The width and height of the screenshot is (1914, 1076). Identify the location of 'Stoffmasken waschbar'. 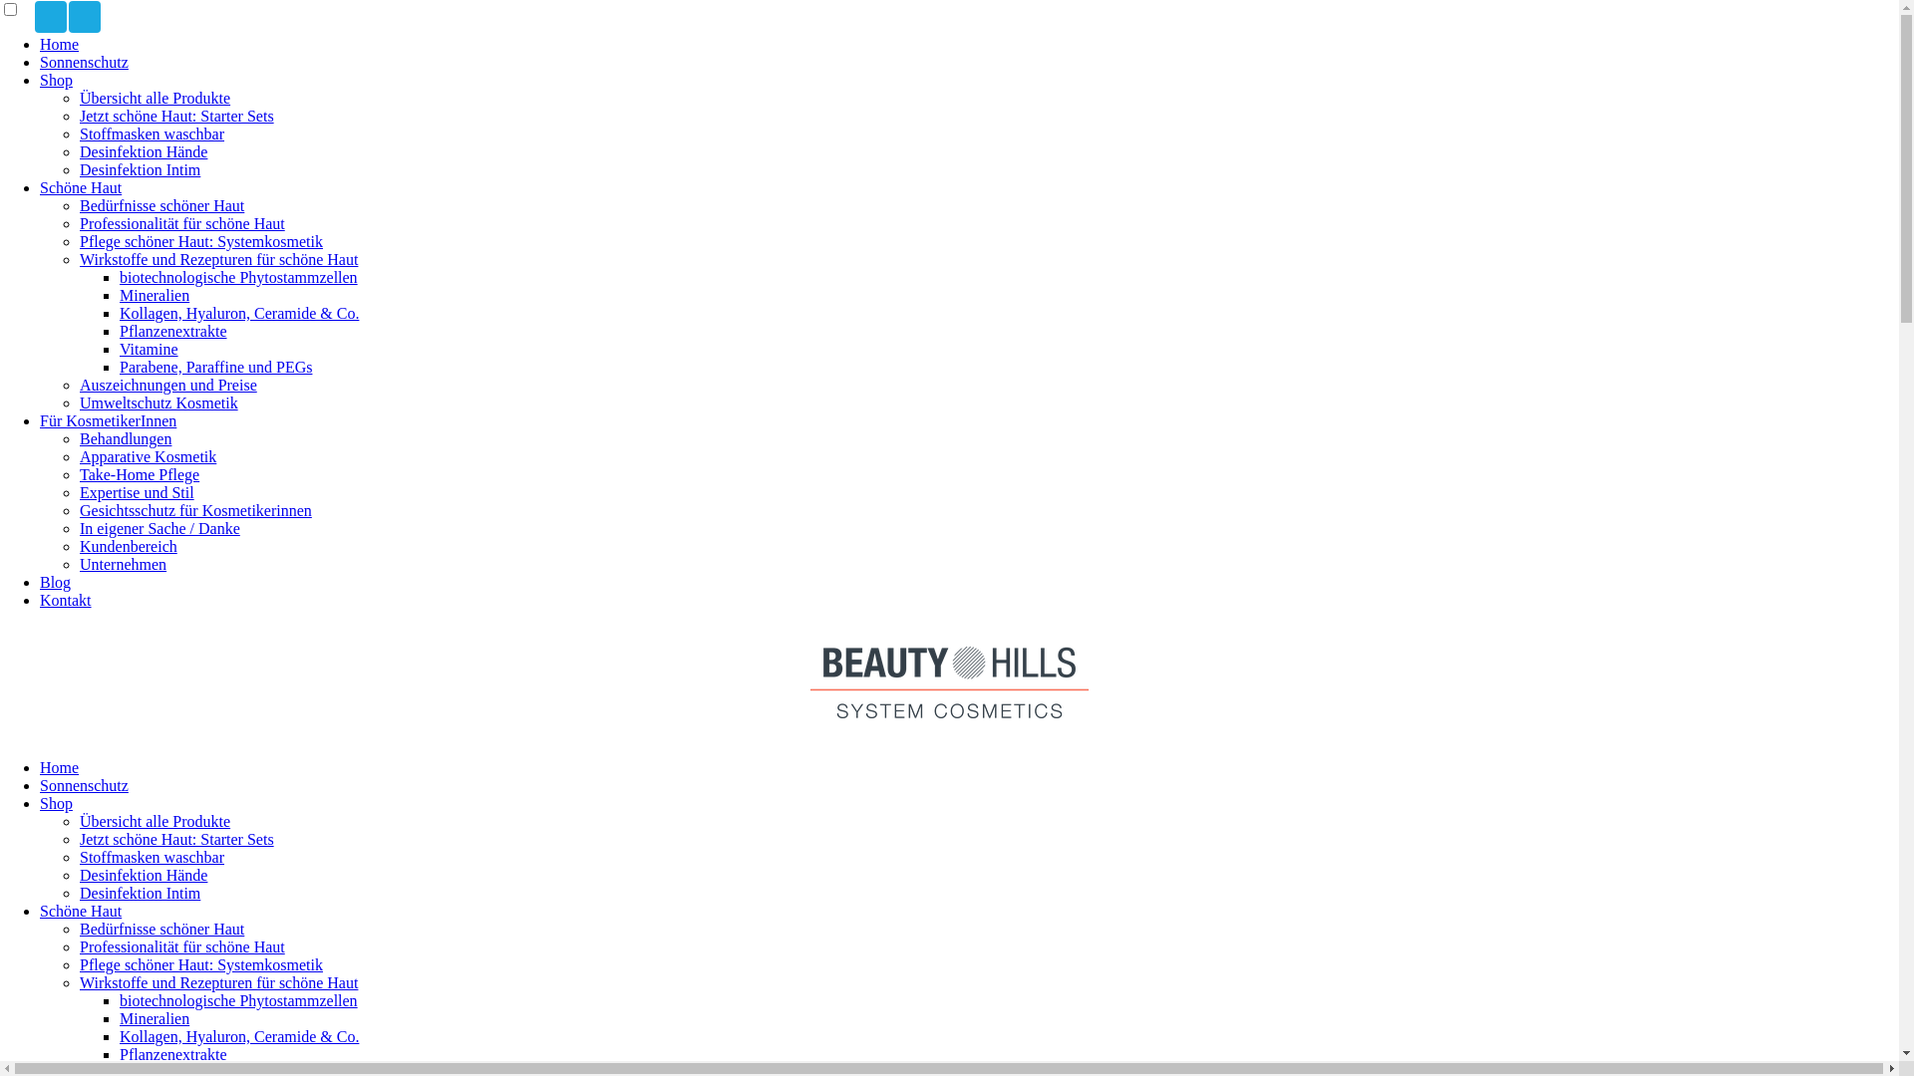
(151, 134).